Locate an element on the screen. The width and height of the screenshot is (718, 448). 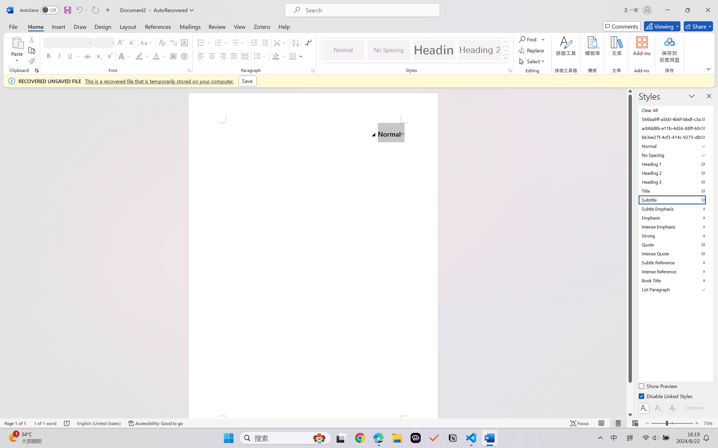
'Character Shading' is located at coordinates (172, 56).